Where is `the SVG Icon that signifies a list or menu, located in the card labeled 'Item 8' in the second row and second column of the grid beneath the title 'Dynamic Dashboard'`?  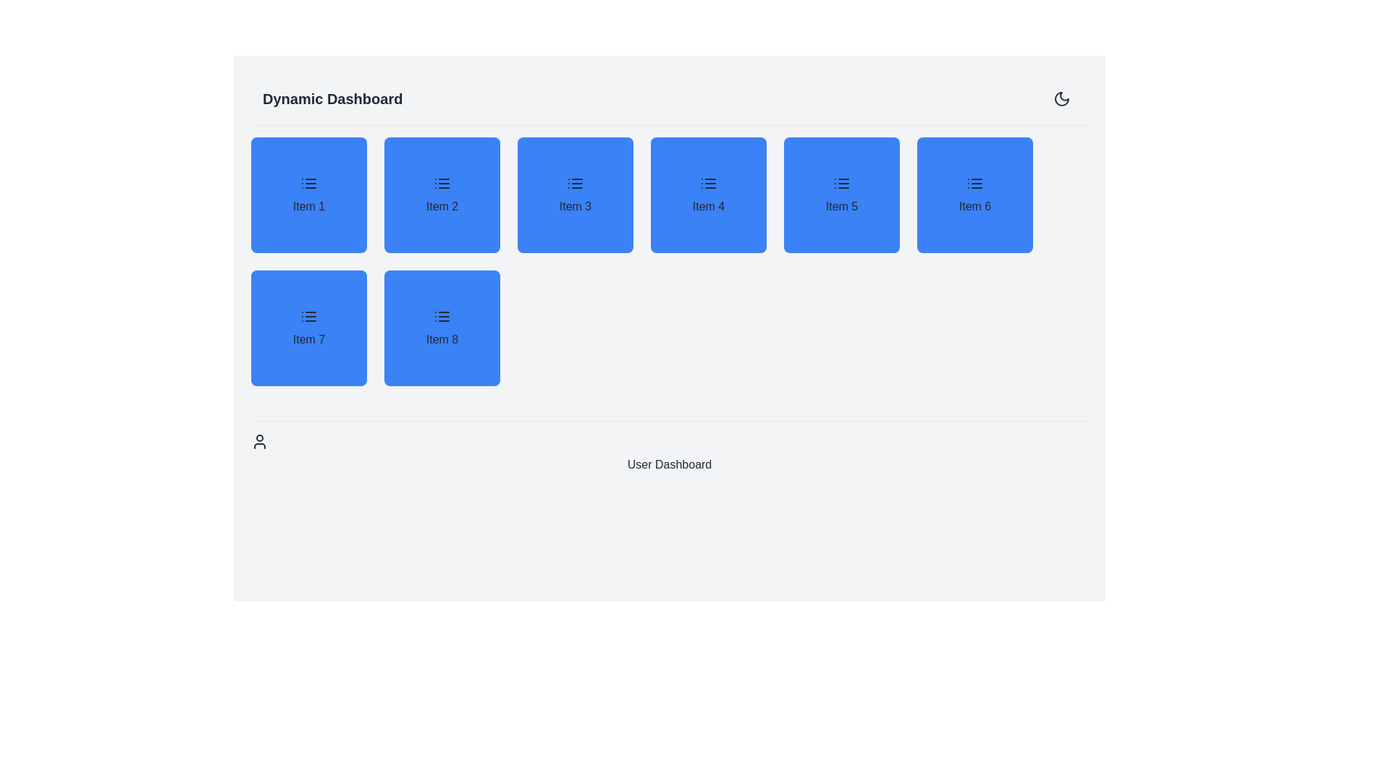 the SVG Icon that signifies a list or menu, located in the card labeled 'Item 8' in the second row and second column of the grid beneath the title 'Dynamic Dashboard' is located at coordinates (441, 316).